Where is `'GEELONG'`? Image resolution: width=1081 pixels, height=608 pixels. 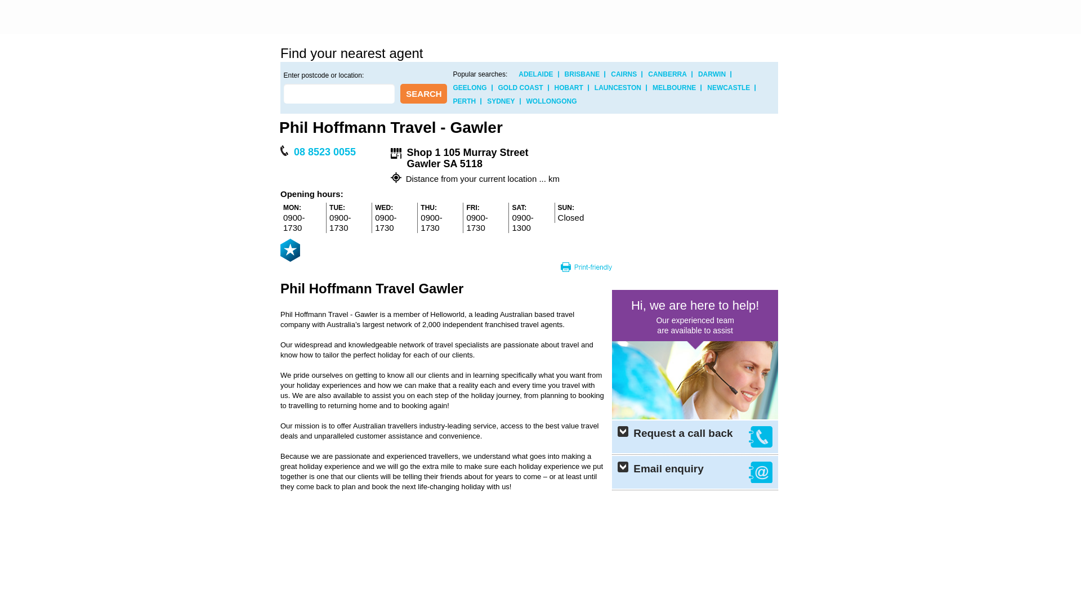
'GEELONG' is located at coordinates (453, 87).